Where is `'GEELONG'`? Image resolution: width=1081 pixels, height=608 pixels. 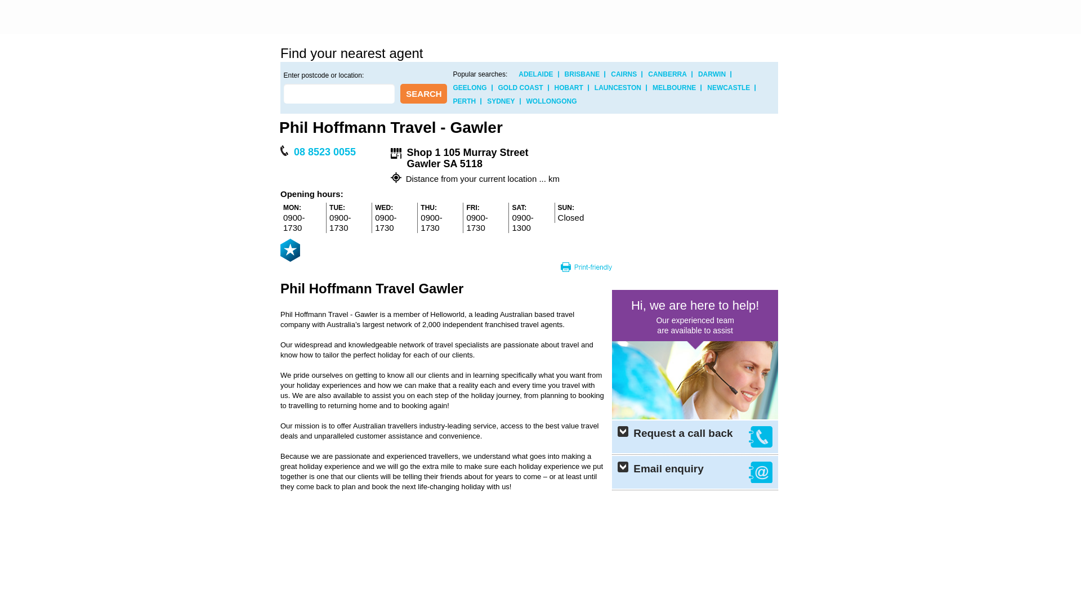
'GEELONG' is located at coordinates (453, 87).